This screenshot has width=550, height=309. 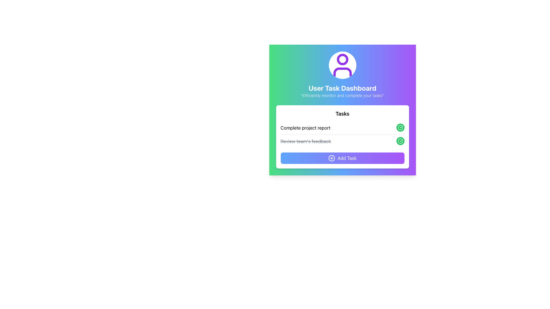 What do you see at coordinates (342, 158) in the screenshot?
I see `the 'Add Task' button, which is a wide rectangular button with rounded corners, featuring a gradient background from blue to purple and centered text in white, located at the bottom of the 'Tasks' card` at bounding box center [342, 158].